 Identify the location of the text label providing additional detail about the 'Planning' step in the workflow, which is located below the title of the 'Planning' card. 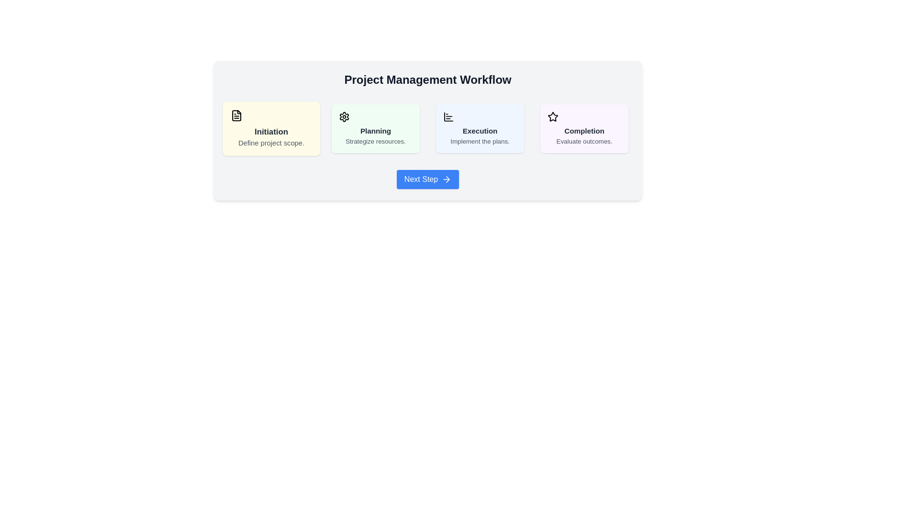
(375, 141).